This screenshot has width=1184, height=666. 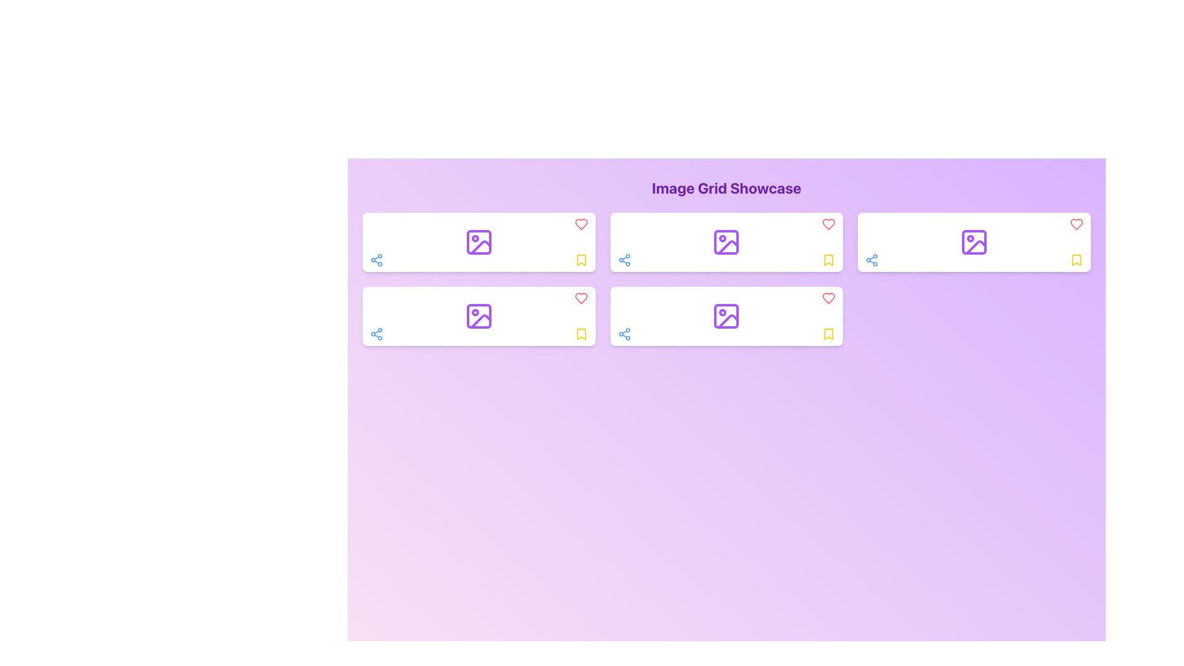 What do you see at coordinates (829, 334) in the screenshot?
I see `the yellow bookmark icon button located in the lower-right corner of the second card in the second row of the grid layout` at bounding box center [829, 334].